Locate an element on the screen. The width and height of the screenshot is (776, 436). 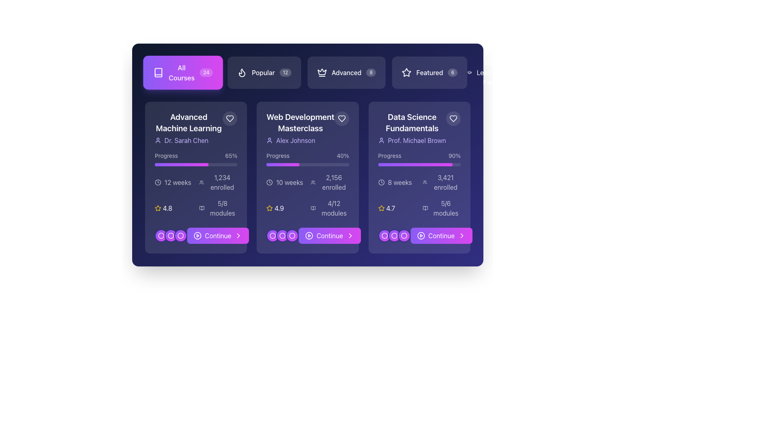
the 'Advanced' button with a dark blue background, white crown icon, and a badge showing '8' is located at coordinates (307, 73).